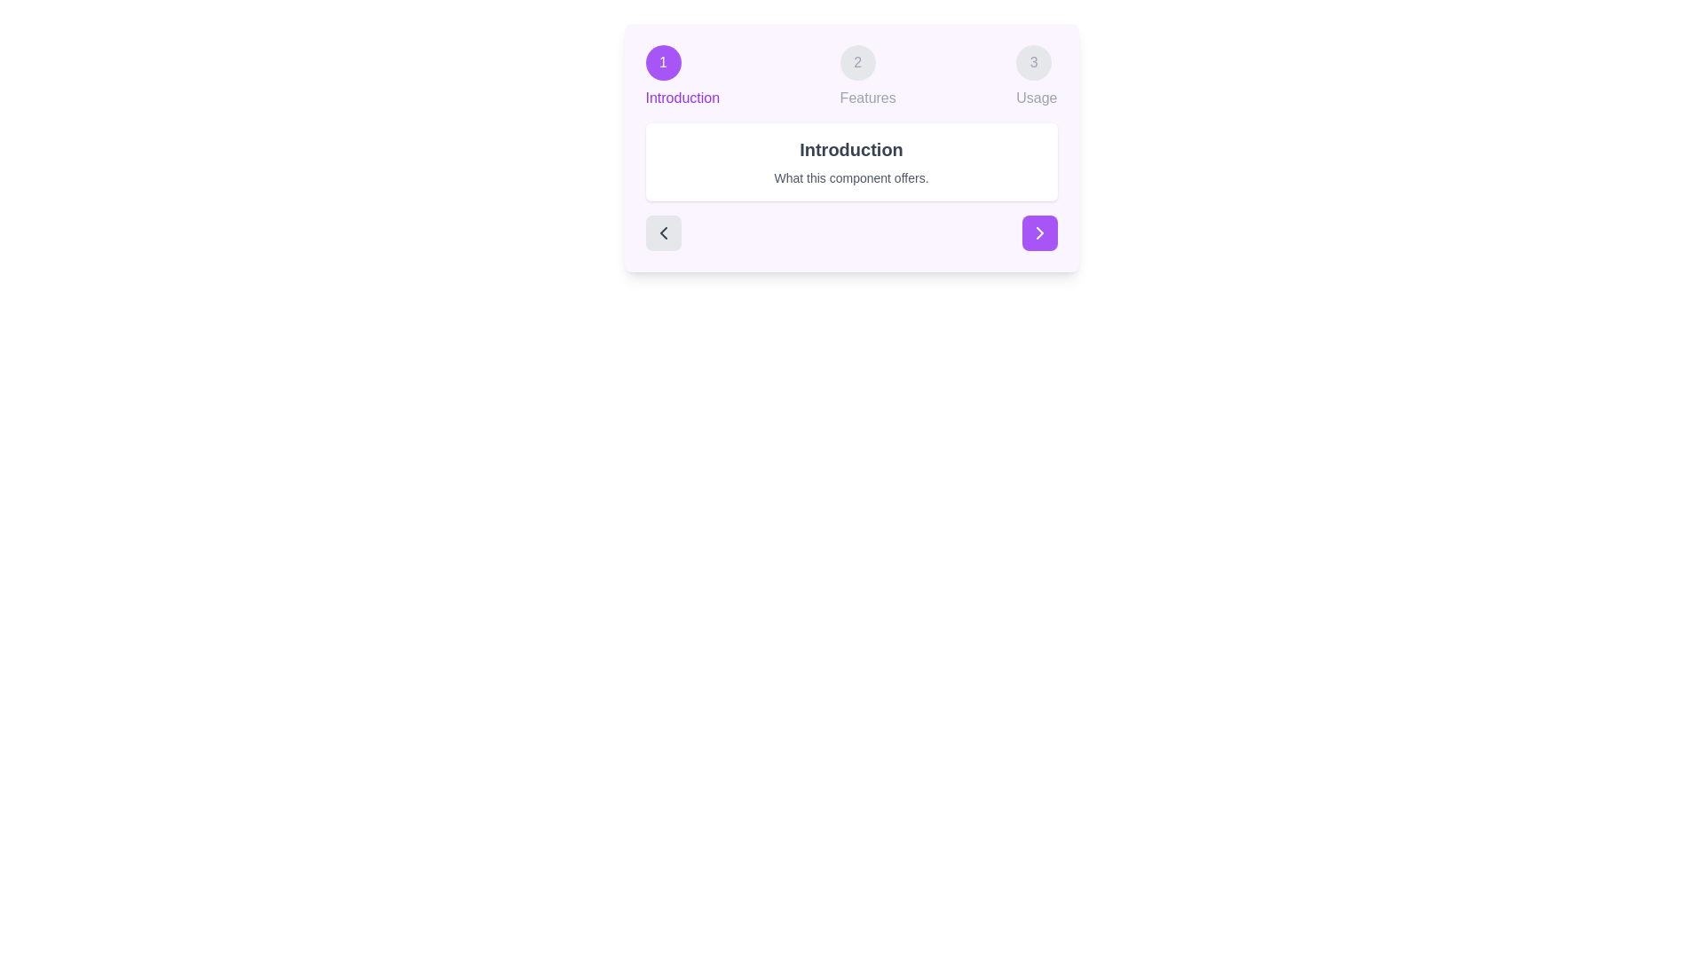 This screenshot has height=958, width=1704. What do you see at coordinates (681, 76) in the screenshot?
I see `the step indicator for Introduction to navigate directly to that step` at bounding box center [681, 76].